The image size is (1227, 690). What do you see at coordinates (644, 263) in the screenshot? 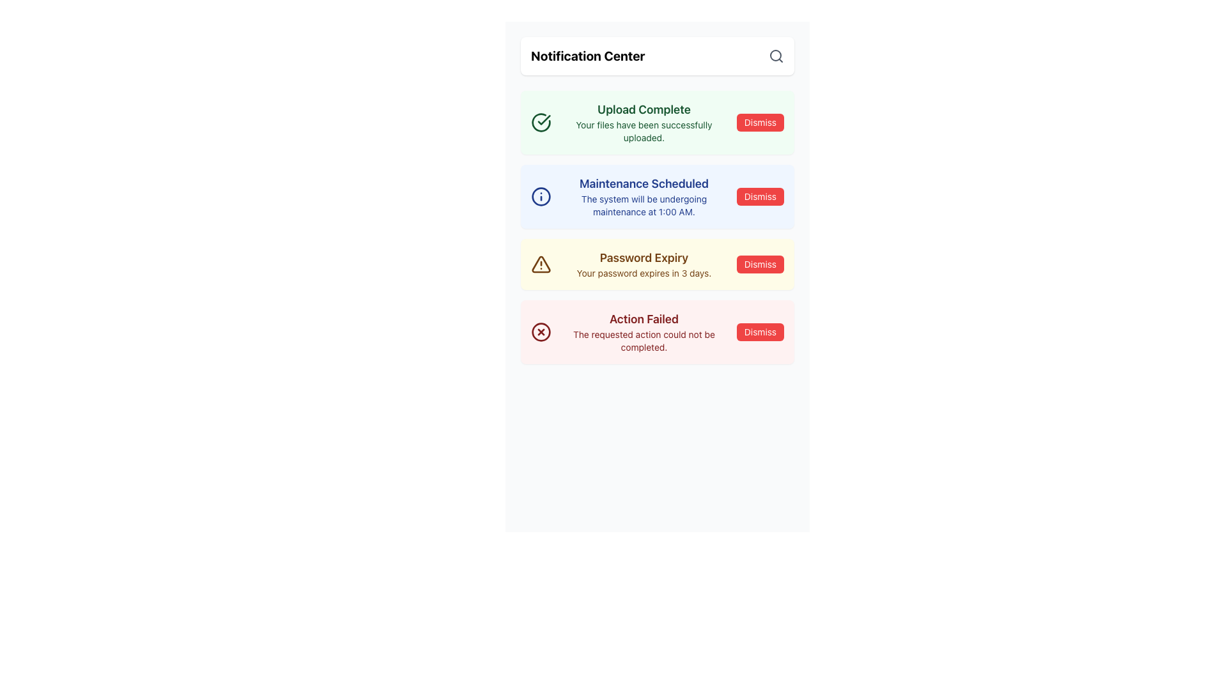
I see `notification text about the impending expiry of the user's password, which is located in the third position of the notification card in the notification center` at bounding box center [644, 263].